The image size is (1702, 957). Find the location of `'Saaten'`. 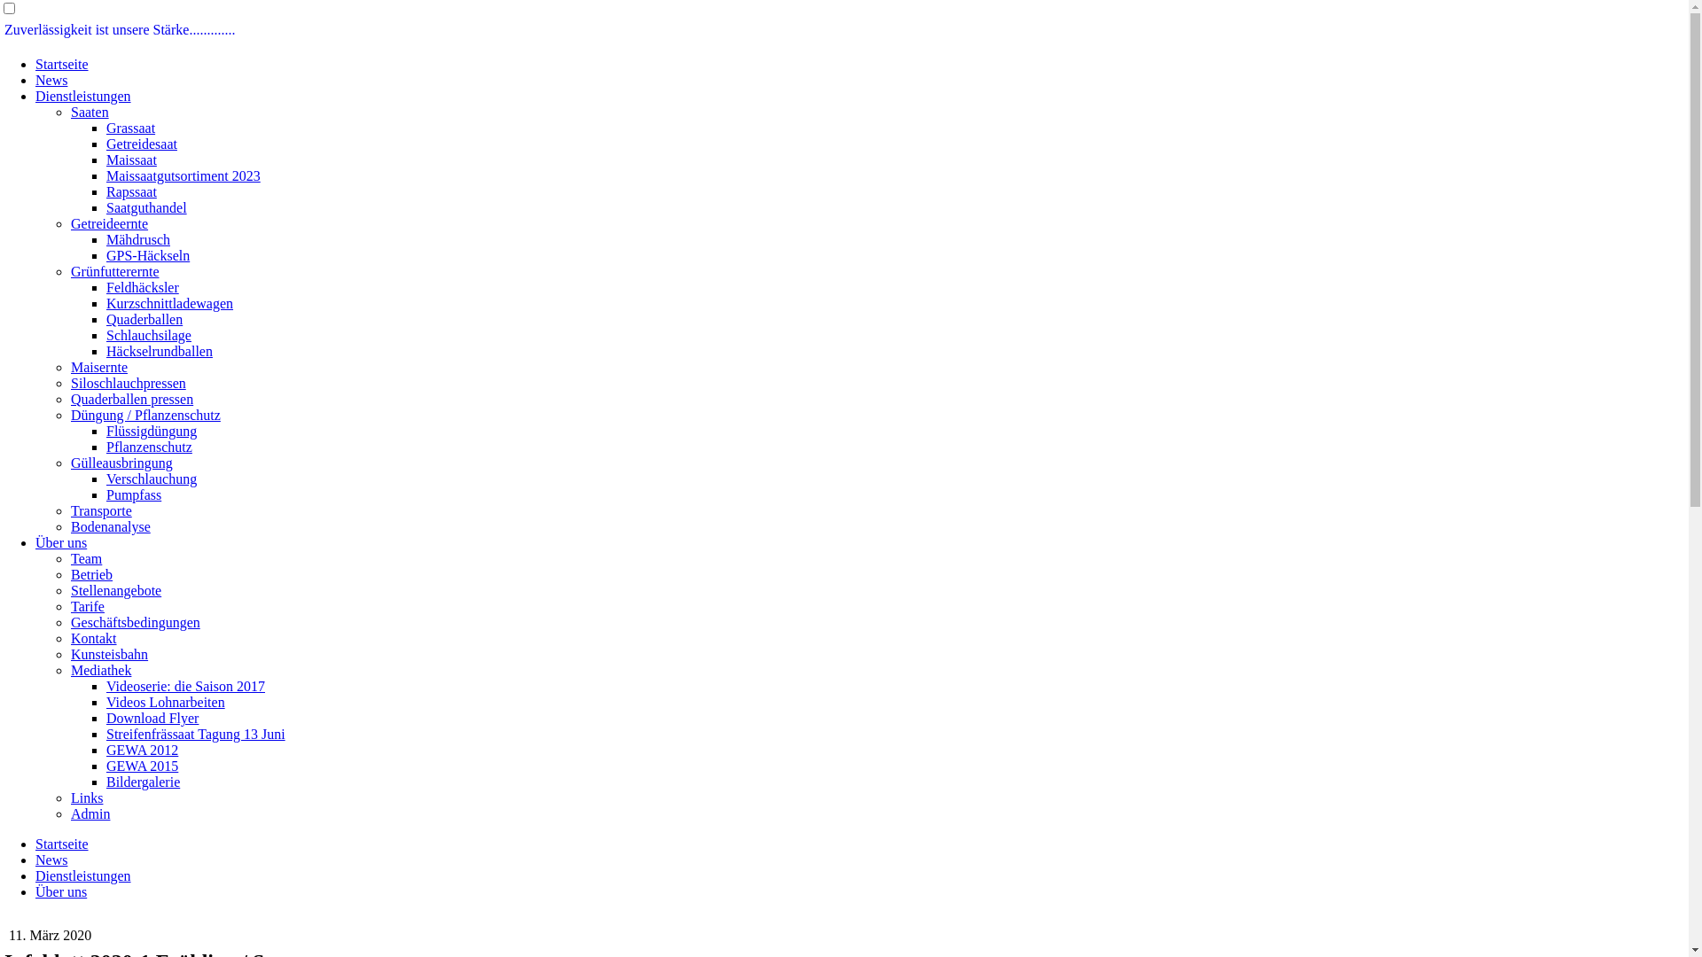

'Saaten' is located at coordinates (71, 112).